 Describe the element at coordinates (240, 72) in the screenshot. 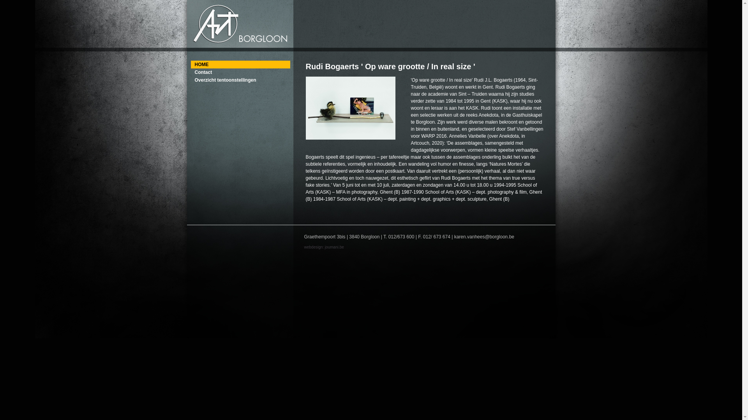

I see `'Contact'` at that location.